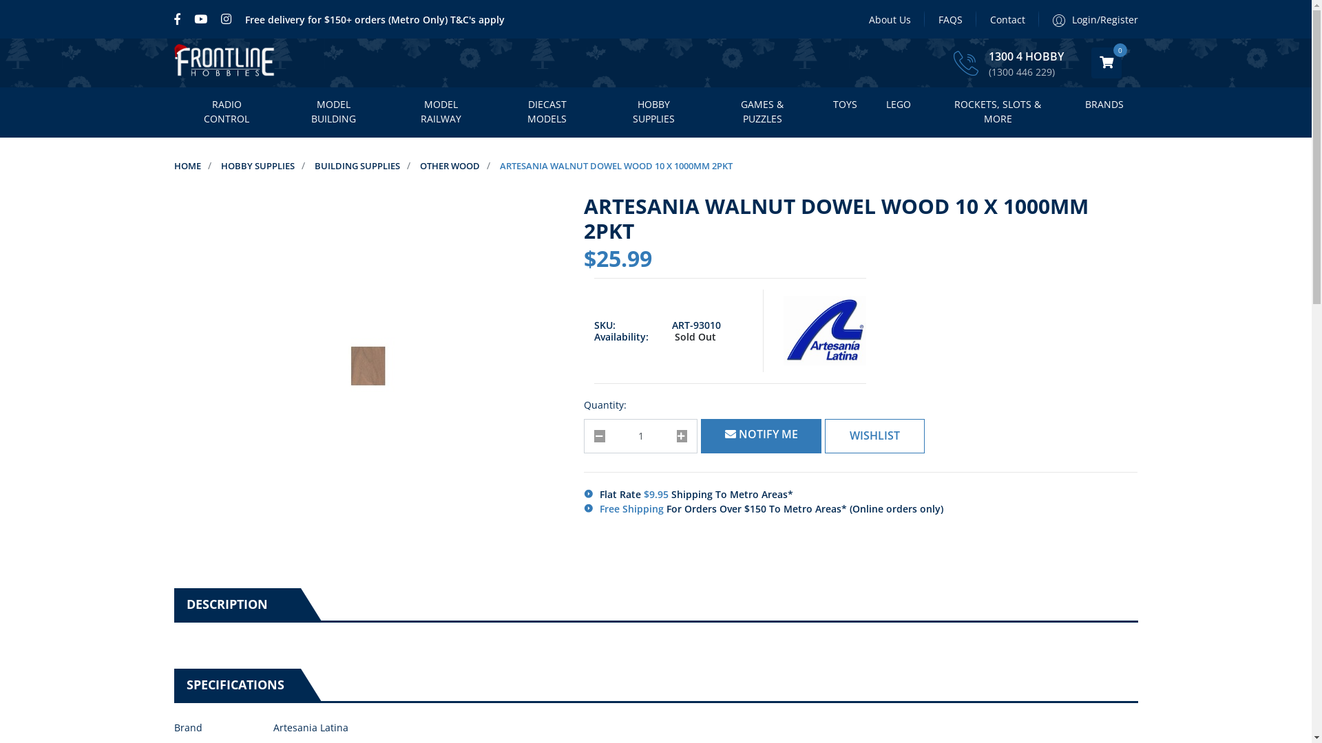 The image size is (1322, 743). What do you see at coordinates (700, 435) in the screenshot?
I see `'NOTIFY ME'` at bounding box center [700, 435].